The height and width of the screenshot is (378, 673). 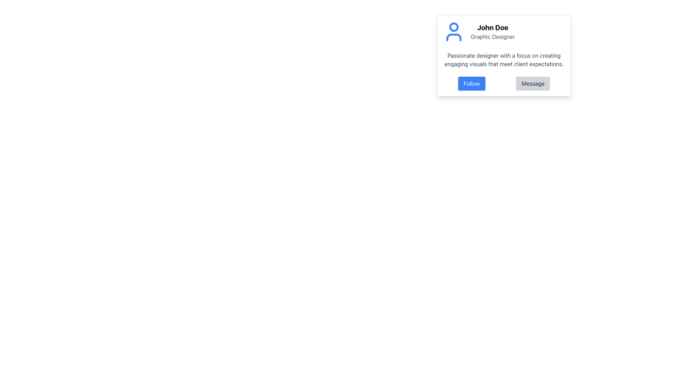 What do you see at coordinates (492, 32) in the screenshot?
I see `text displayed in the Text Display element located at the top-right section of the card-like widget, which provides the name and job title of the user` at bounding box center [492, 32].